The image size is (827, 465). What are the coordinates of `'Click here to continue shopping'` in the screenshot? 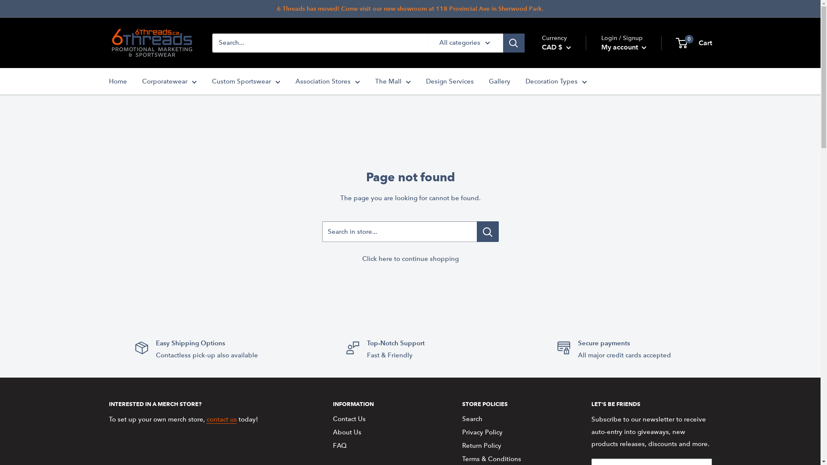 It's located at (409, 258).